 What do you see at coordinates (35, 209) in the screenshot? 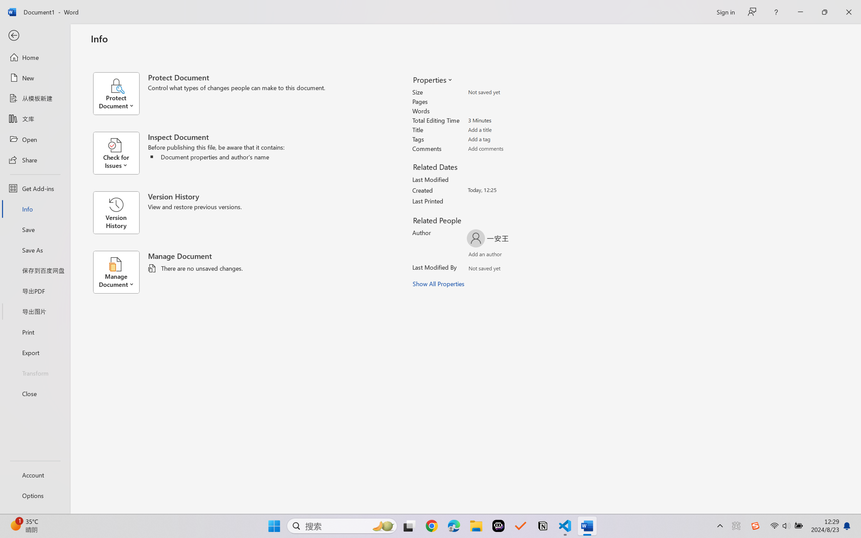
I see `'Info'` at bounding box center [35, 209].